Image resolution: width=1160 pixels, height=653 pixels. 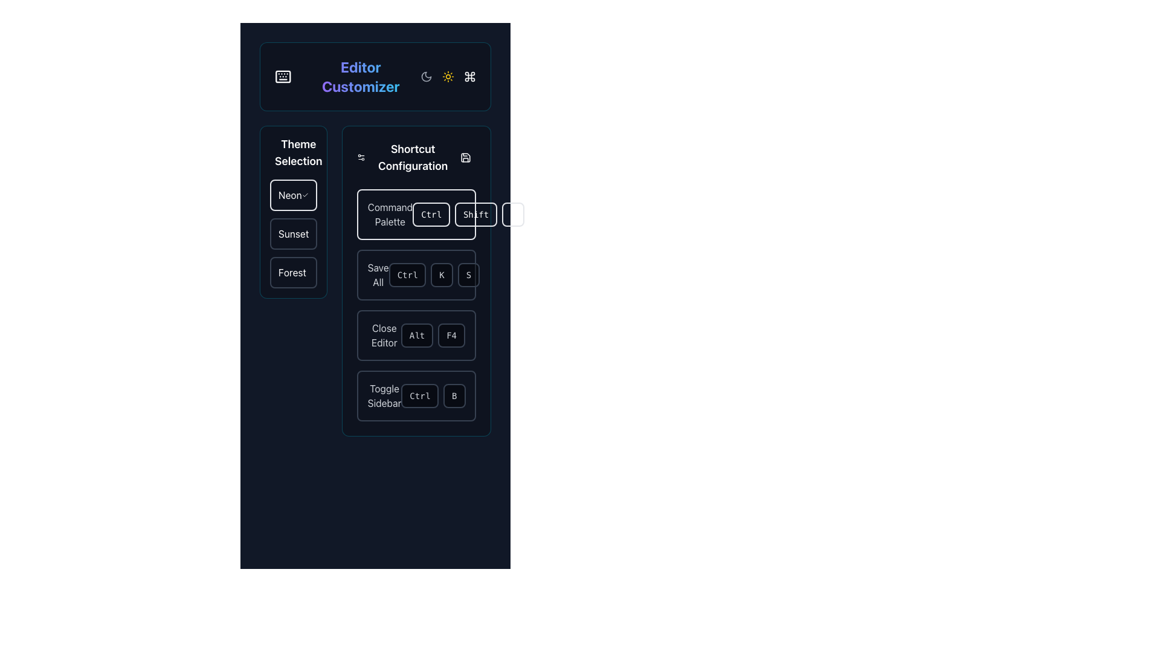 I want to click on the rectangular element with rounded corners located inside the keyboard icon in the upper portion of the interface, so click(x=282, y=77).